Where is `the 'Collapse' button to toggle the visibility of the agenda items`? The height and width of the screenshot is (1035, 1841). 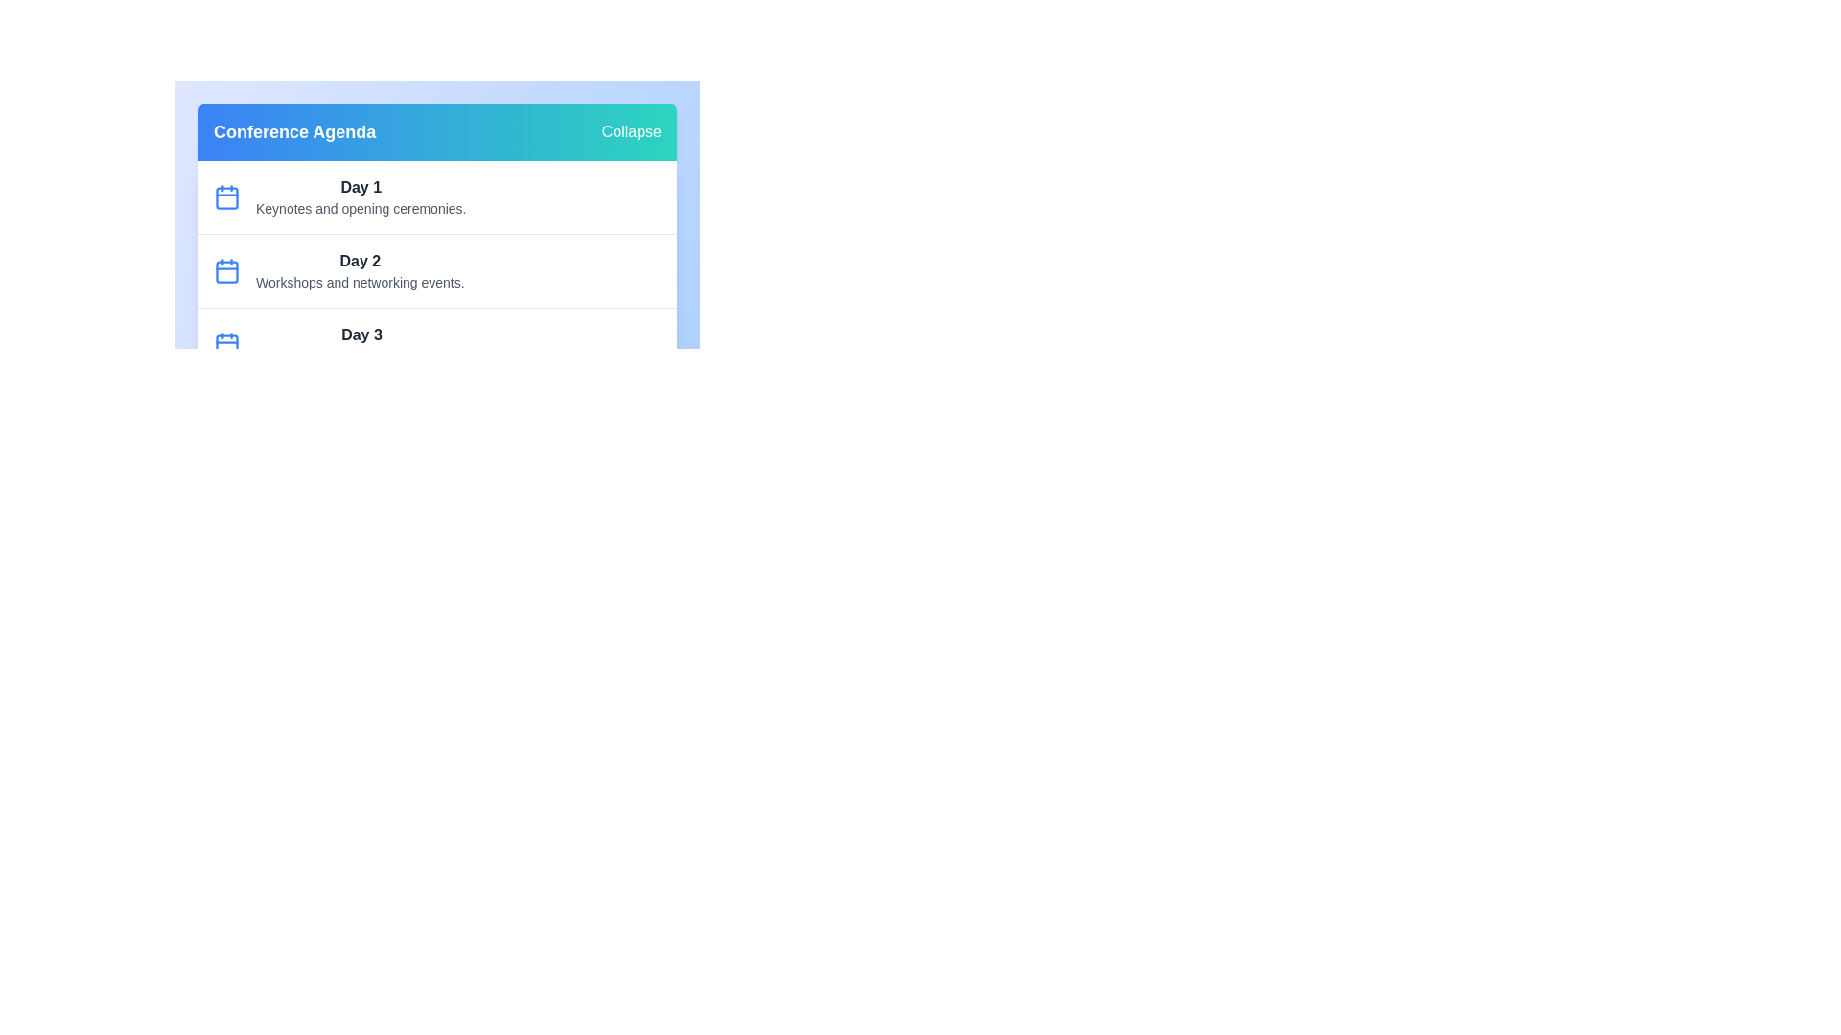
the 'Collapse' button to toggle the visibility of the agenda items is located at coordinates (631, 131).